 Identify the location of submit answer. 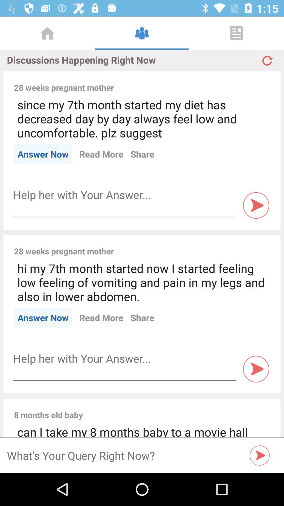
(256, 369).